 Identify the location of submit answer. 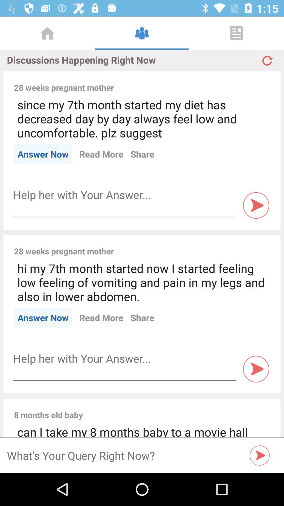
(256, 369).